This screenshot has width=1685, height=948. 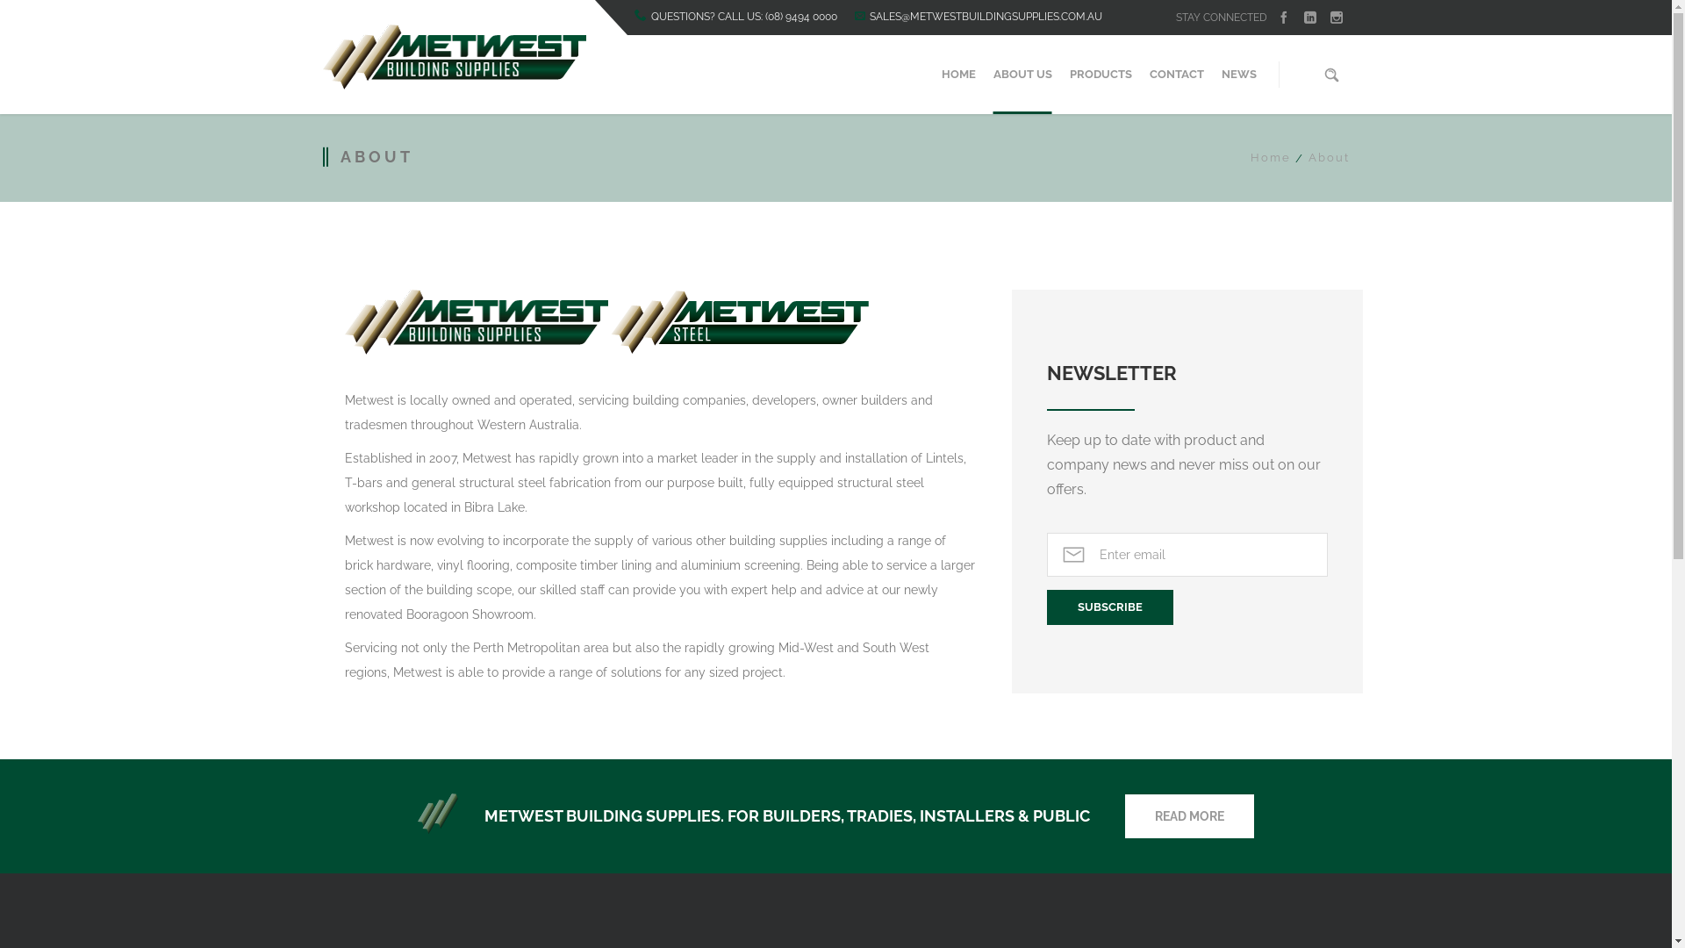 I want to click on 'Subscribe', so click(x=1108, y=606).